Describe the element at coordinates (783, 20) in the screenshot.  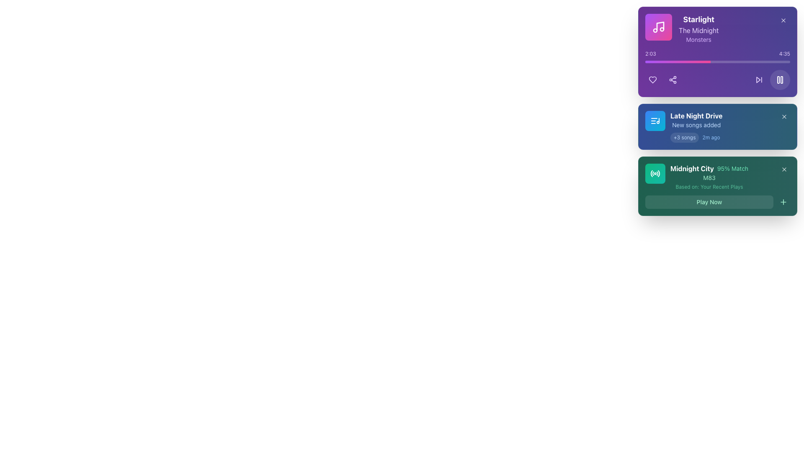
I see `the circular button with a '×' icon in its center, located at the top-right corner of the card for the music item 'Starlight' by 'The Midnight' and 'Monsters'` at that location.